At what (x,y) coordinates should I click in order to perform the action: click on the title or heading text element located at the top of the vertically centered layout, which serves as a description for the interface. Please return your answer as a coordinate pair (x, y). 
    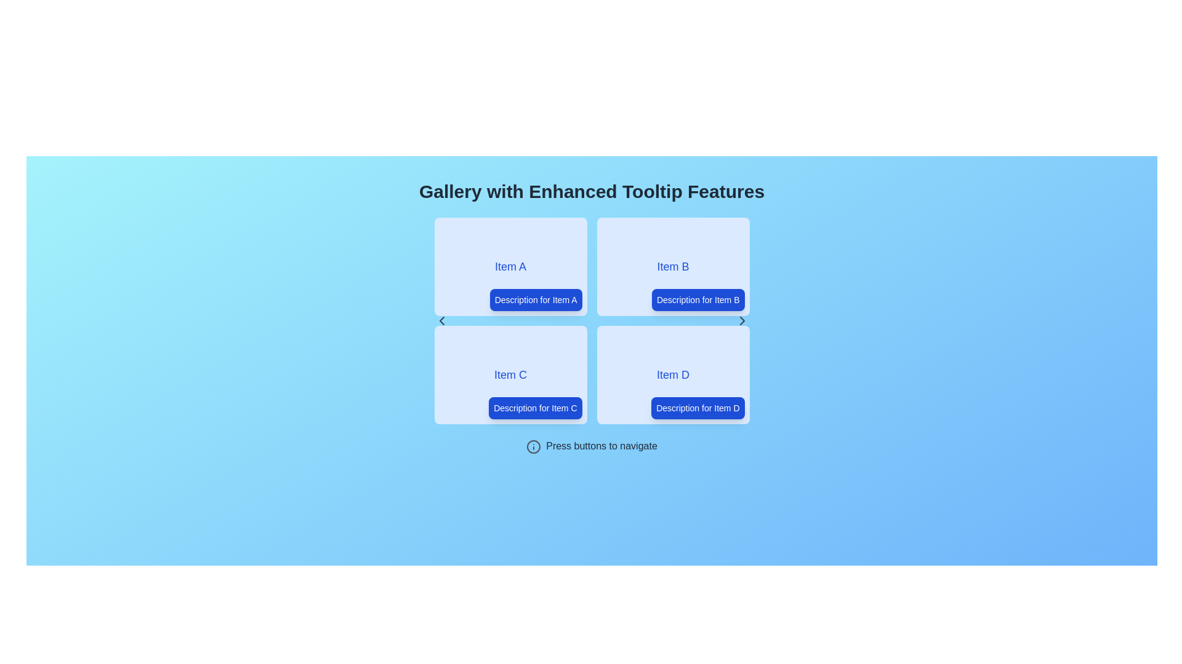
    Looking at the image, I should click on (592, 192).